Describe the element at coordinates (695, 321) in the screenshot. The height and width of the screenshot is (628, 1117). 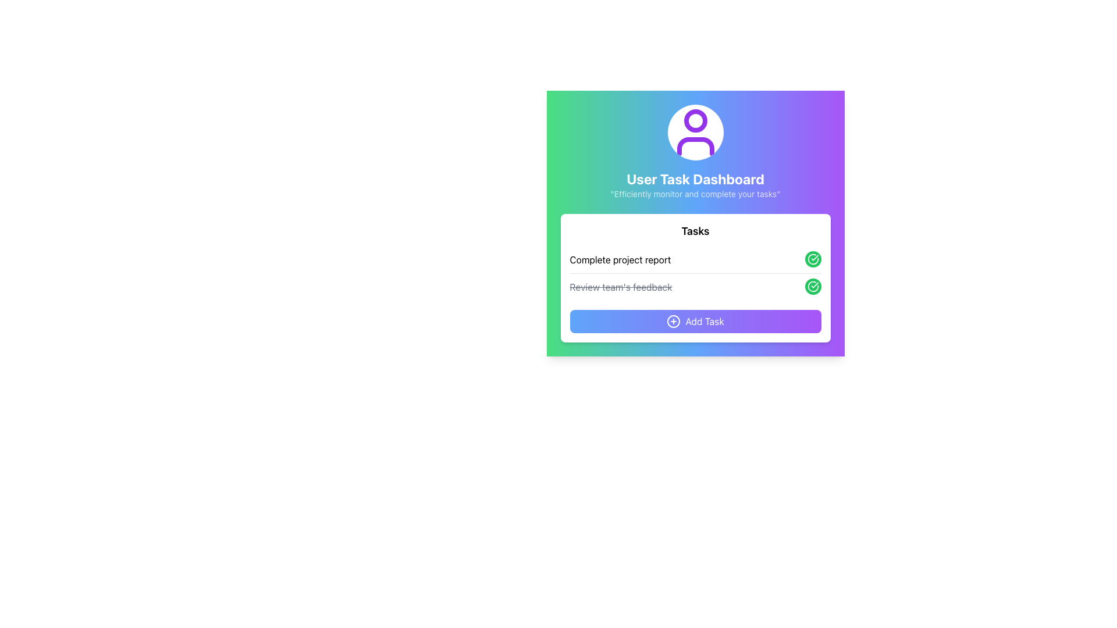
I see `the button located at the bottom of the 'Tasks' card` at that location.